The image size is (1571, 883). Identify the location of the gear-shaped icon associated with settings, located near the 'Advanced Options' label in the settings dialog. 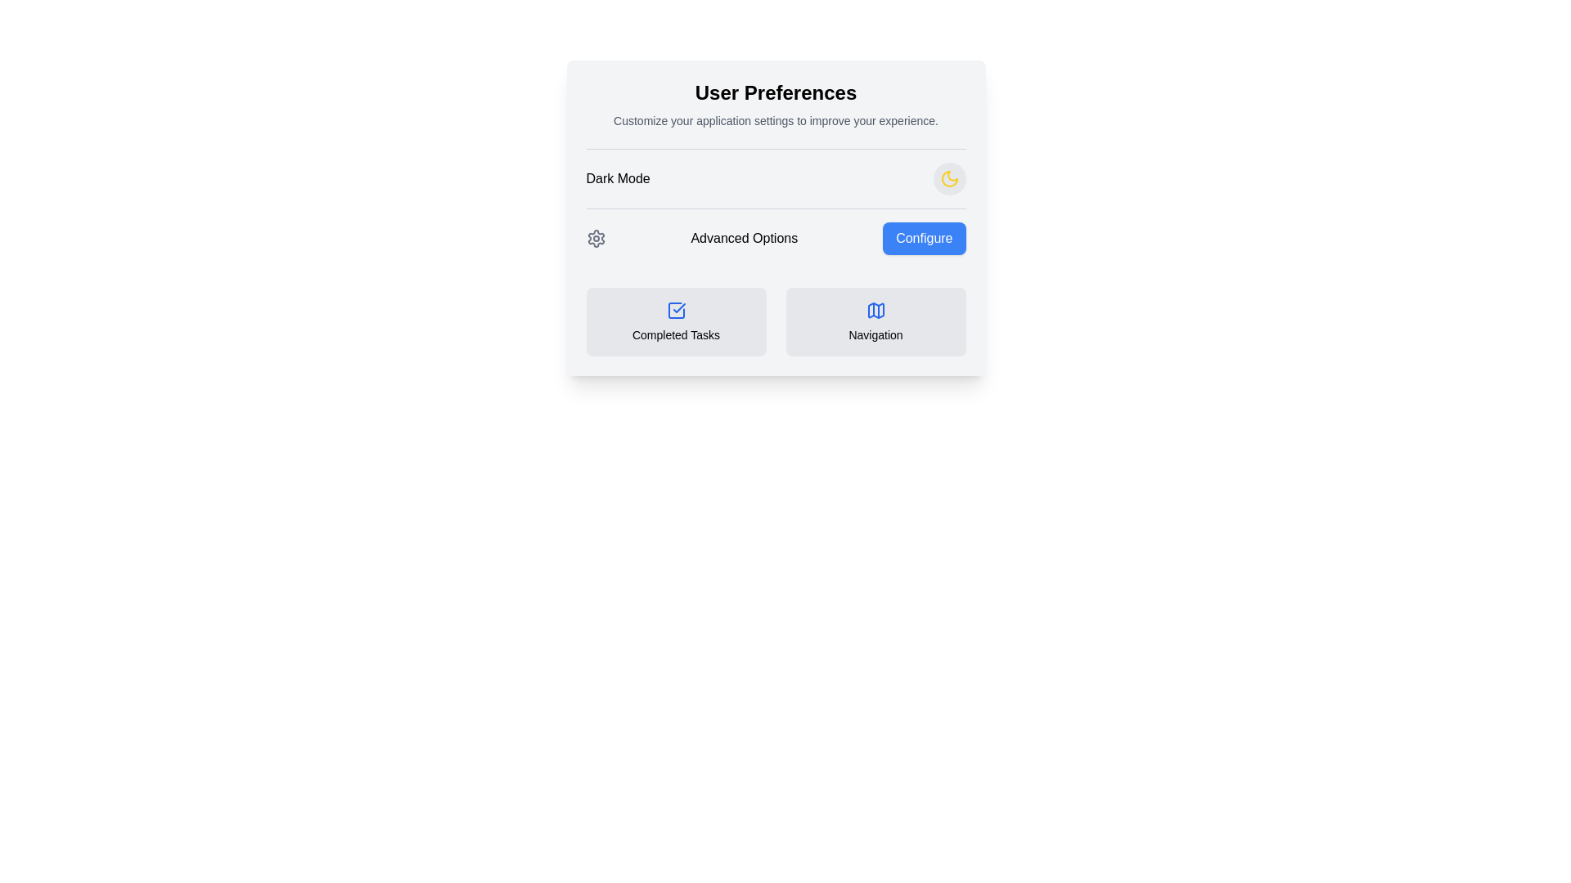
(595, 239).